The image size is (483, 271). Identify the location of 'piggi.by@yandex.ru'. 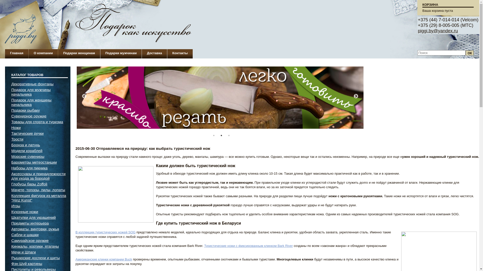
(437, 31).